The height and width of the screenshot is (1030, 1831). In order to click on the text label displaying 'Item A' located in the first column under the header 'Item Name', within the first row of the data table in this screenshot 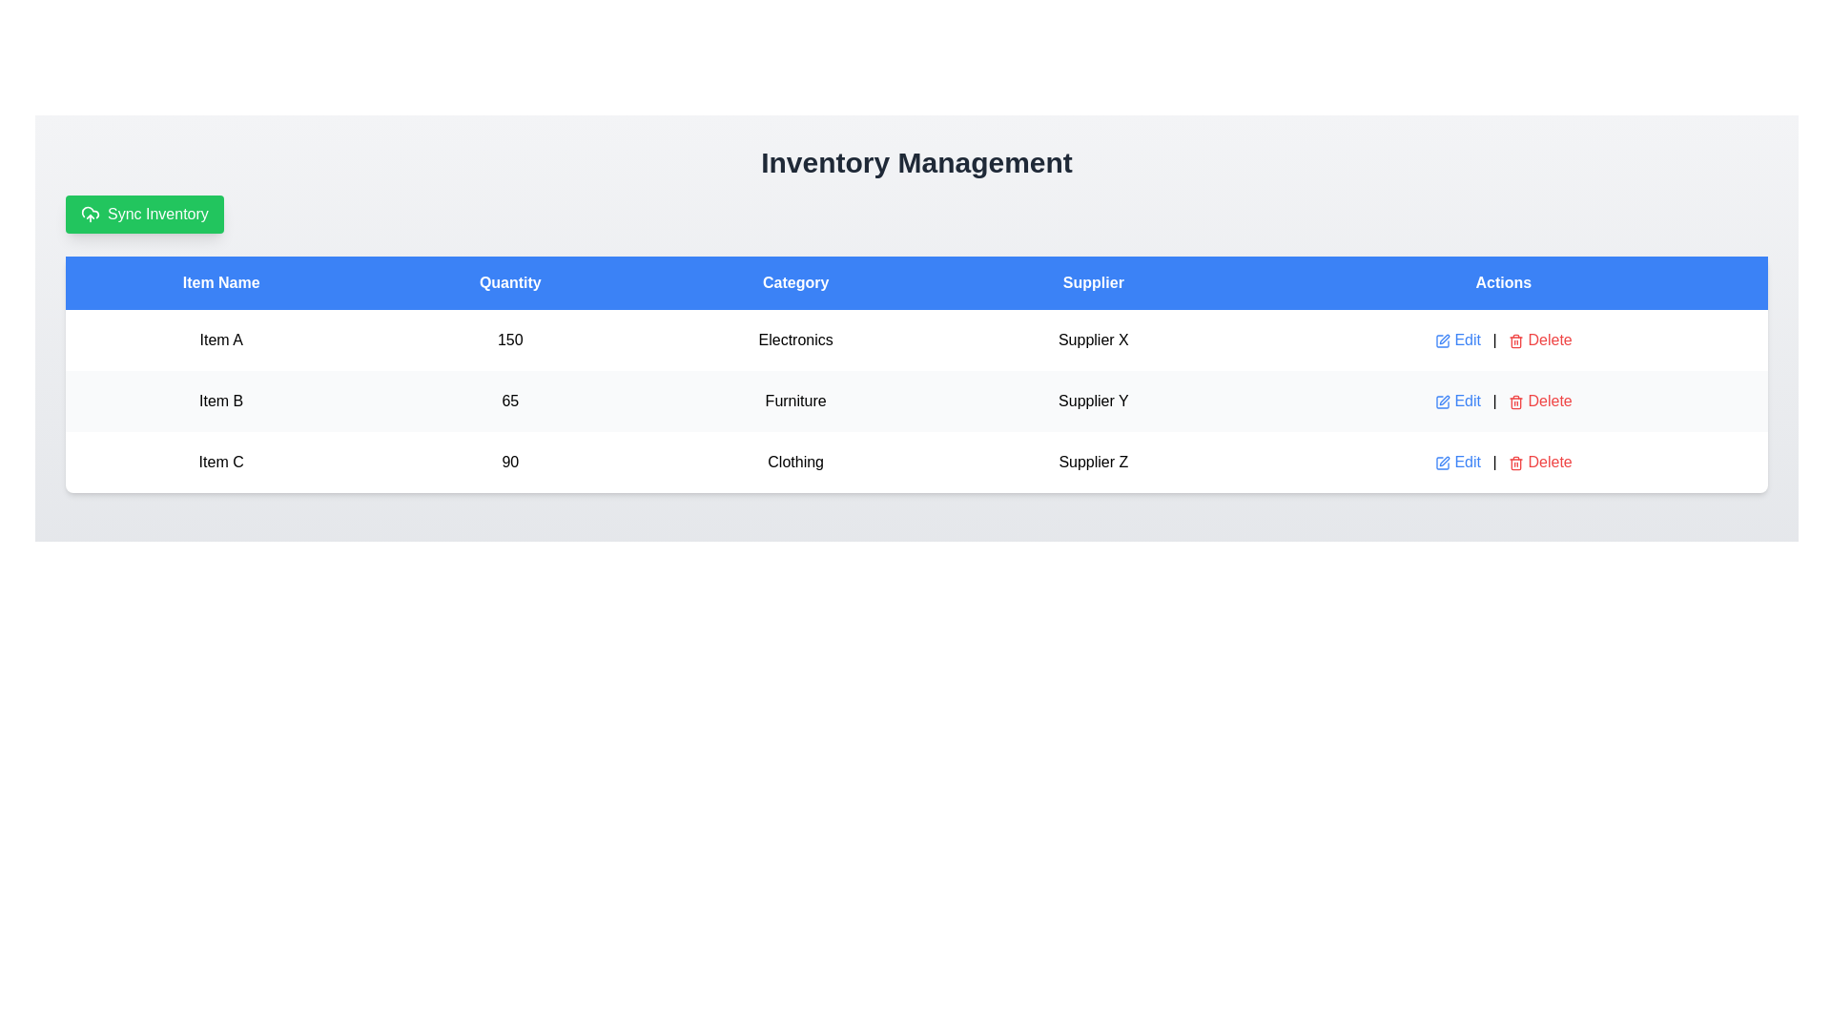, I will do `click(221, 340)`.